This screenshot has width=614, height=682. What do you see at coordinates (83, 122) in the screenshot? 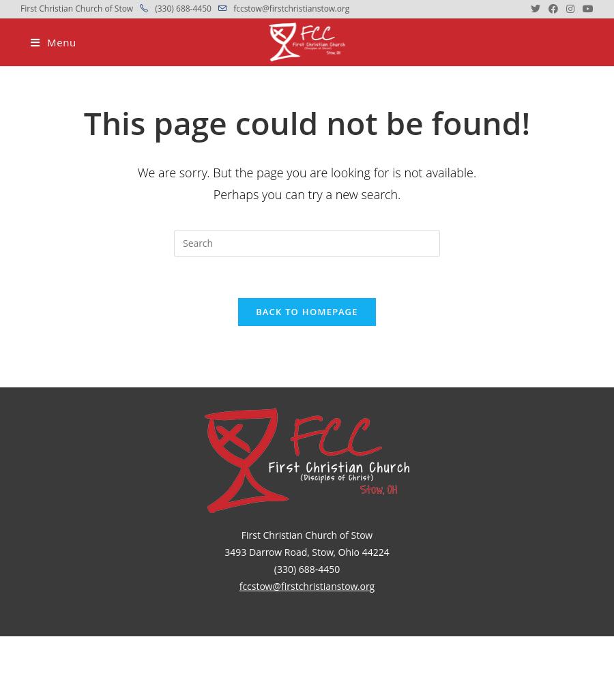
I see `'This page could not be found!'` at bounding box center [83, 122].